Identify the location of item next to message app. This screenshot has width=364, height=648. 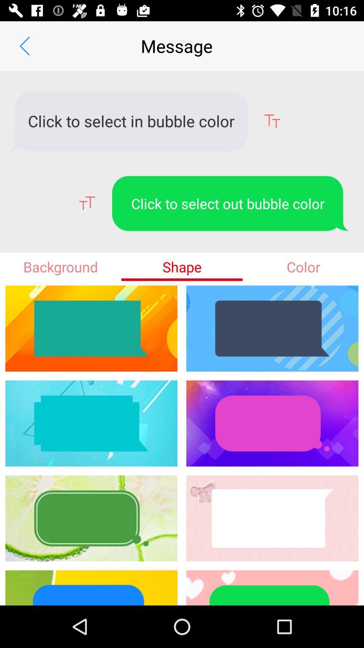
(24, 46).